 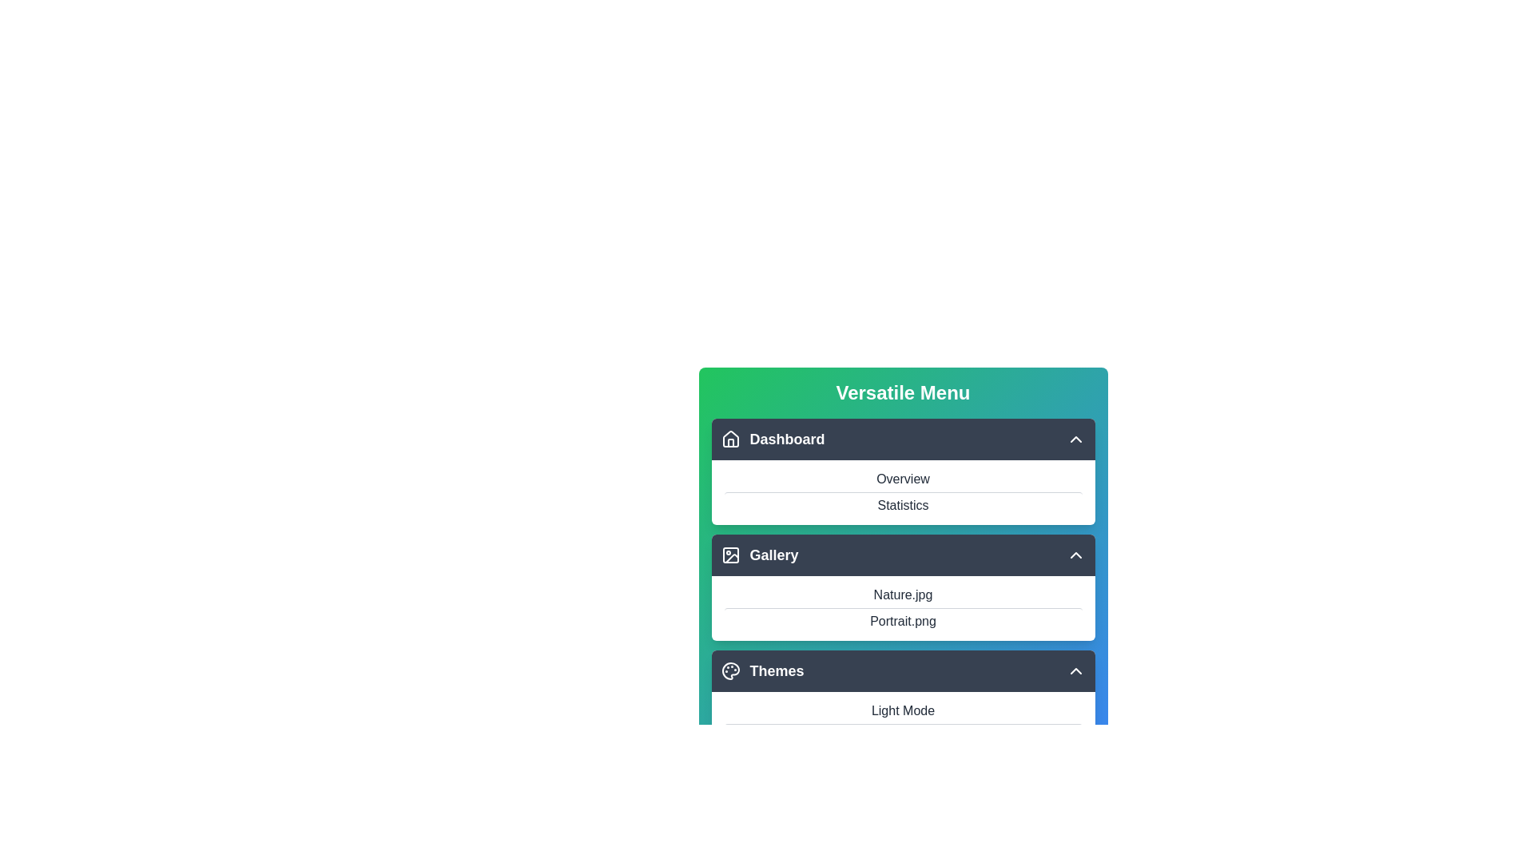 I want to click on the item Statistics from the section Dashboard, so click(x=903, y=439).